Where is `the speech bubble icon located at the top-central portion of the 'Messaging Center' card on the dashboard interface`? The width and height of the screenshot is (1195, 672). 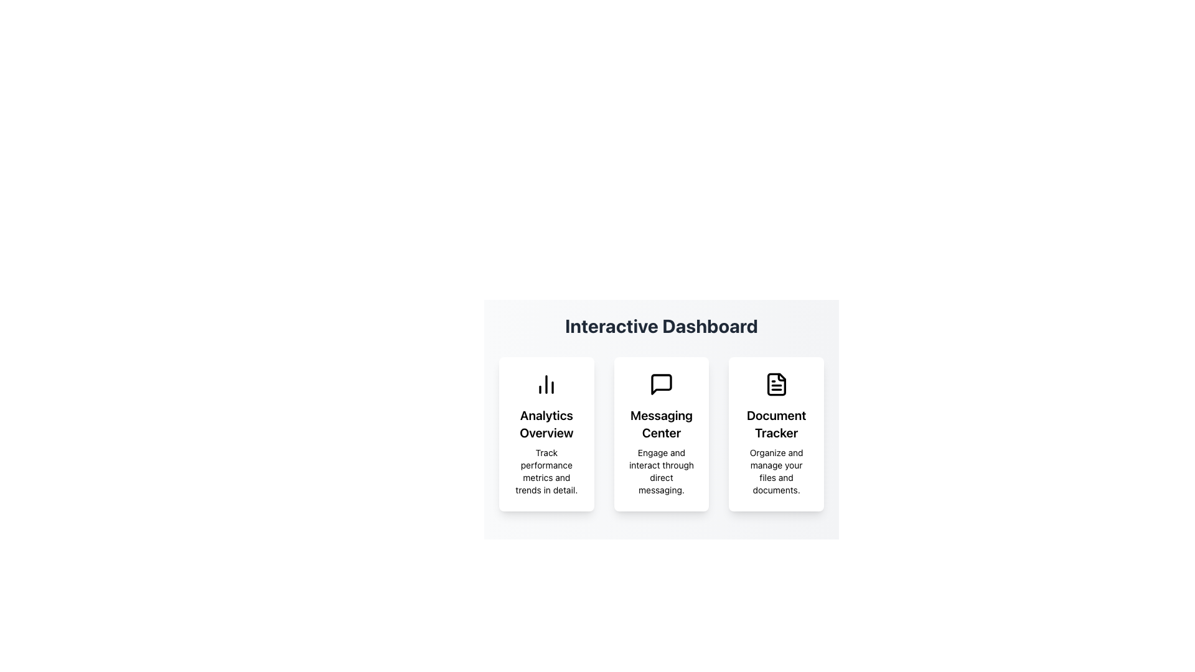 the speech bubble icon located at the top-central portion of the 'Messaging Center' card on the dashboard interface is located at coordinates (660, 383).